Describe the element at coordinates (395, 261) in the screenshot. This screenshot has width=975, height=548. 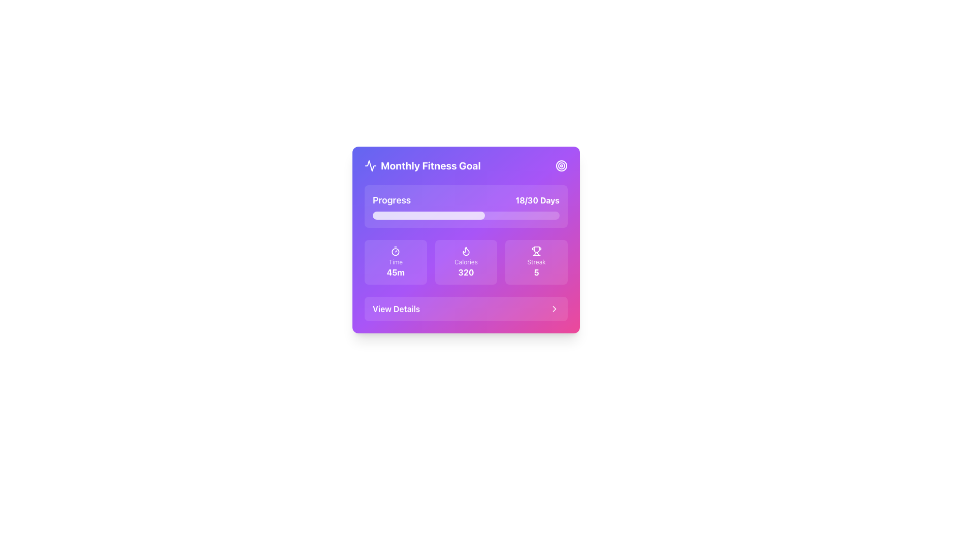
I see `the text element displaying 'Time' in small-sized, light white text on a purple background, located beneath the circular timer icon and above the bold text '45m'` at that location.